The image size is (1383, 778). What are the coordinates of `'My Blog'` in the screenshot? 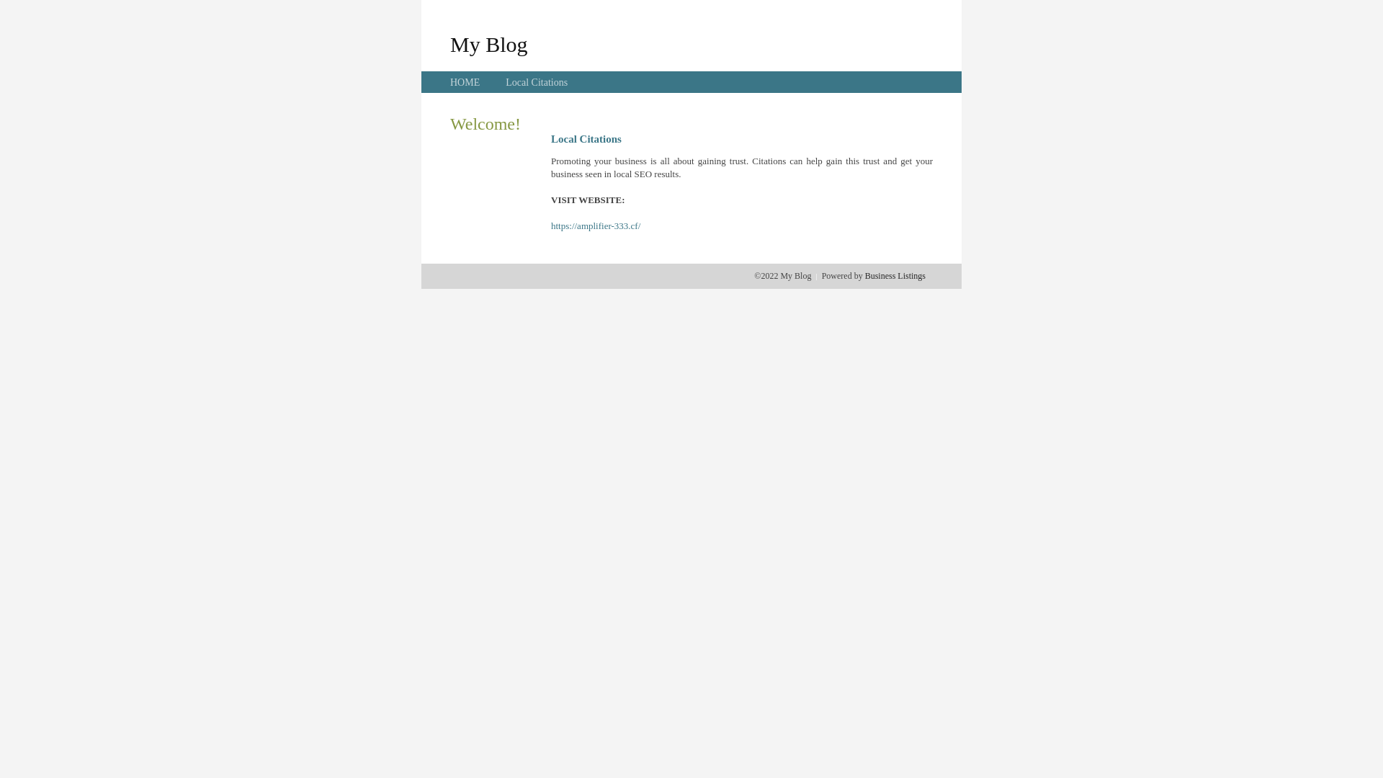 It's located at (488, 43).